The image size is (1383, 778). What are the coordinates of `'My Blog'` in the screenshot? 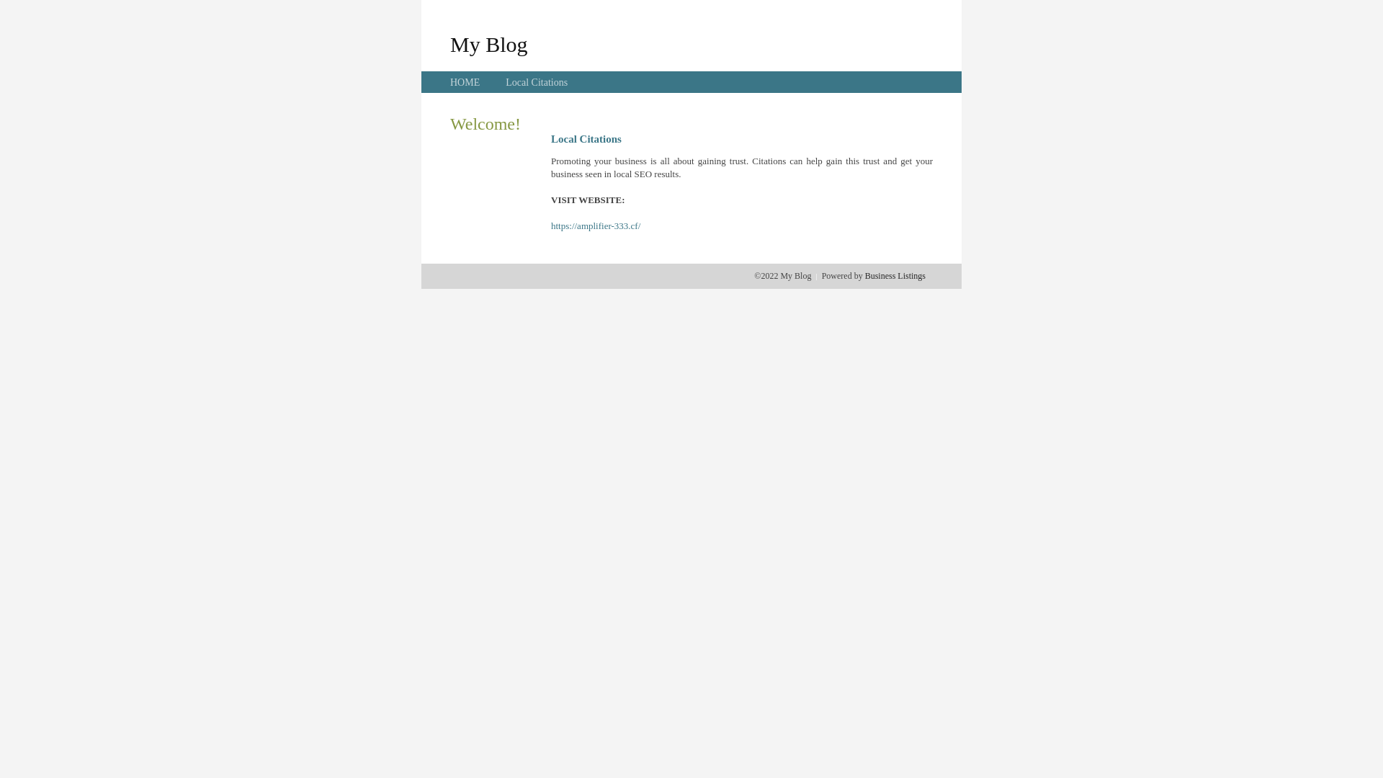 It's located at (488, 43).